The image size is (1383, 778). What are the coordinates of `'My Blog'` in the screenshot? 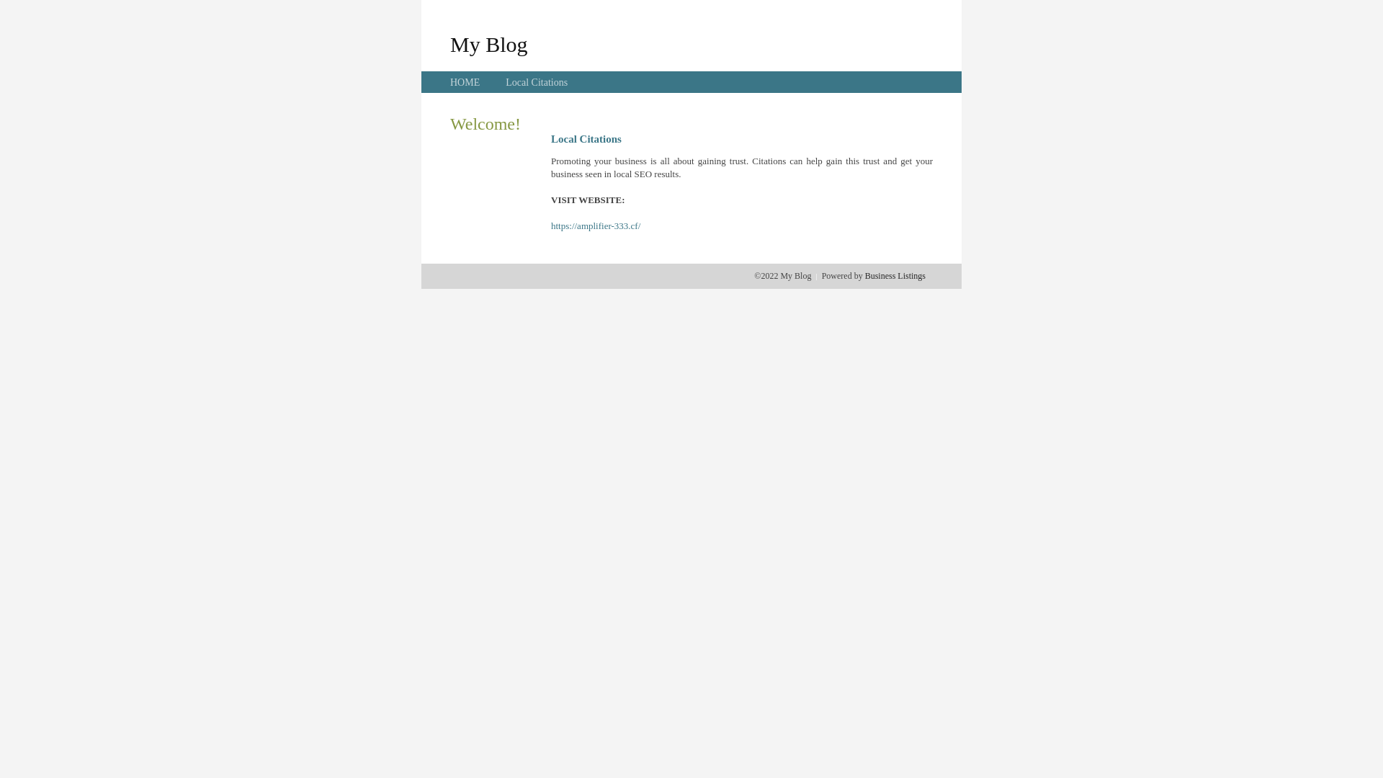 It's located at (488, 43).